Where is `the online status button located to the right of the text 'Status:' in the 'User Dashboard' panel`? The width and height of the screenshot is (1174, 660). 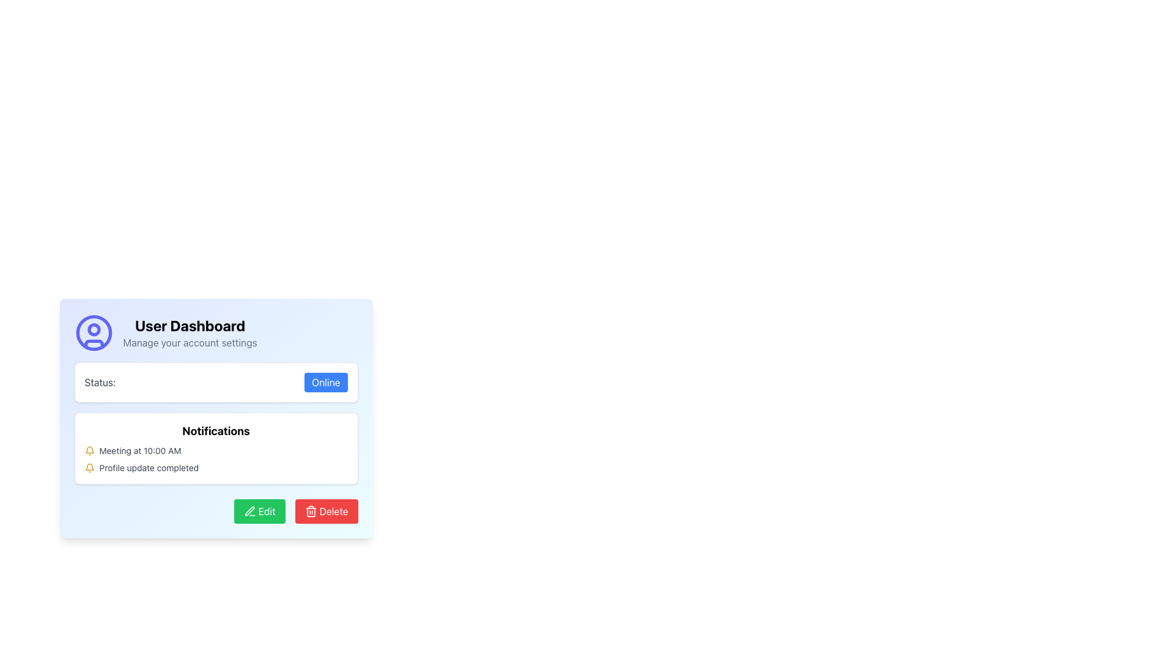
the online status button located to the right of the text 'Status:' in the 'User Dashboard' panel is located at coordinates (326, 381).